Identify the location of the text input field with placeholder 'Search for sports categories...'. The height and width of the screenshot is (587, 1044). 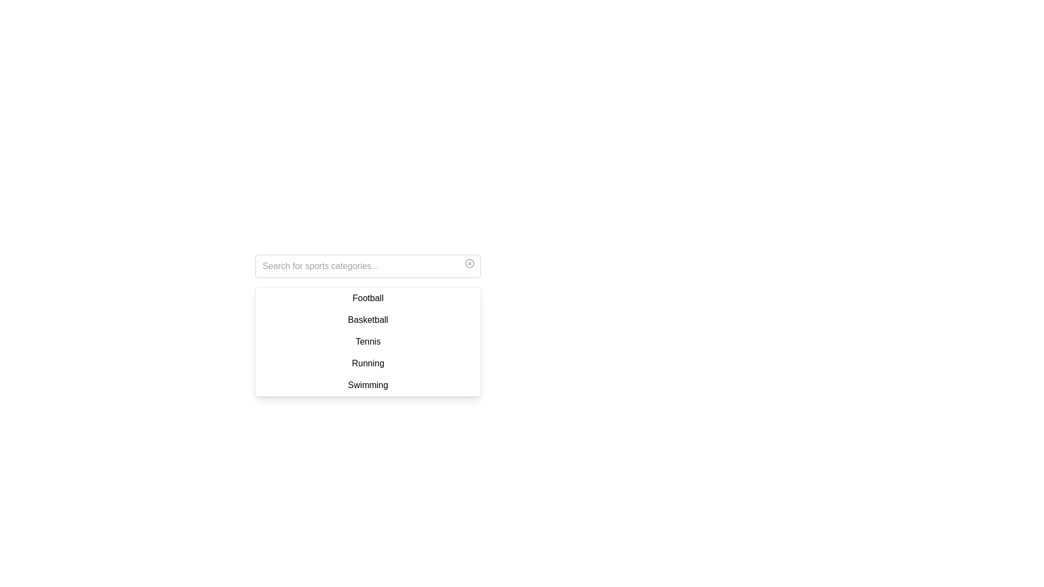
(368, 266).